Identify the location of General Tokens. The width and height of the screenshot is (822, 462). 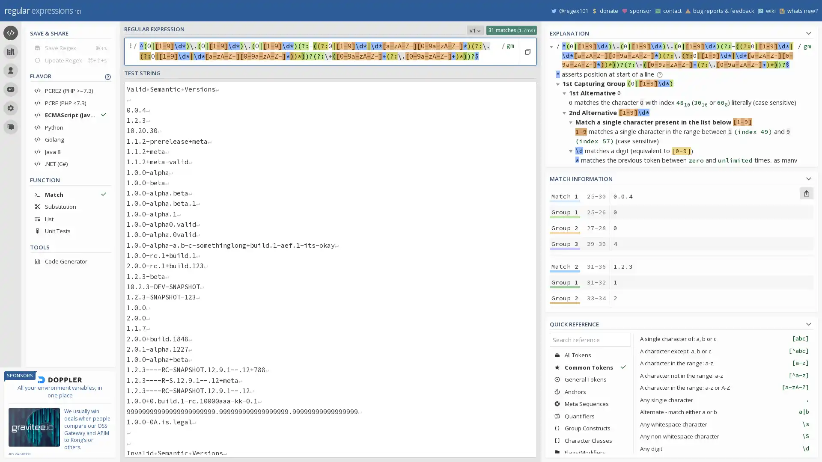
(590, 379).